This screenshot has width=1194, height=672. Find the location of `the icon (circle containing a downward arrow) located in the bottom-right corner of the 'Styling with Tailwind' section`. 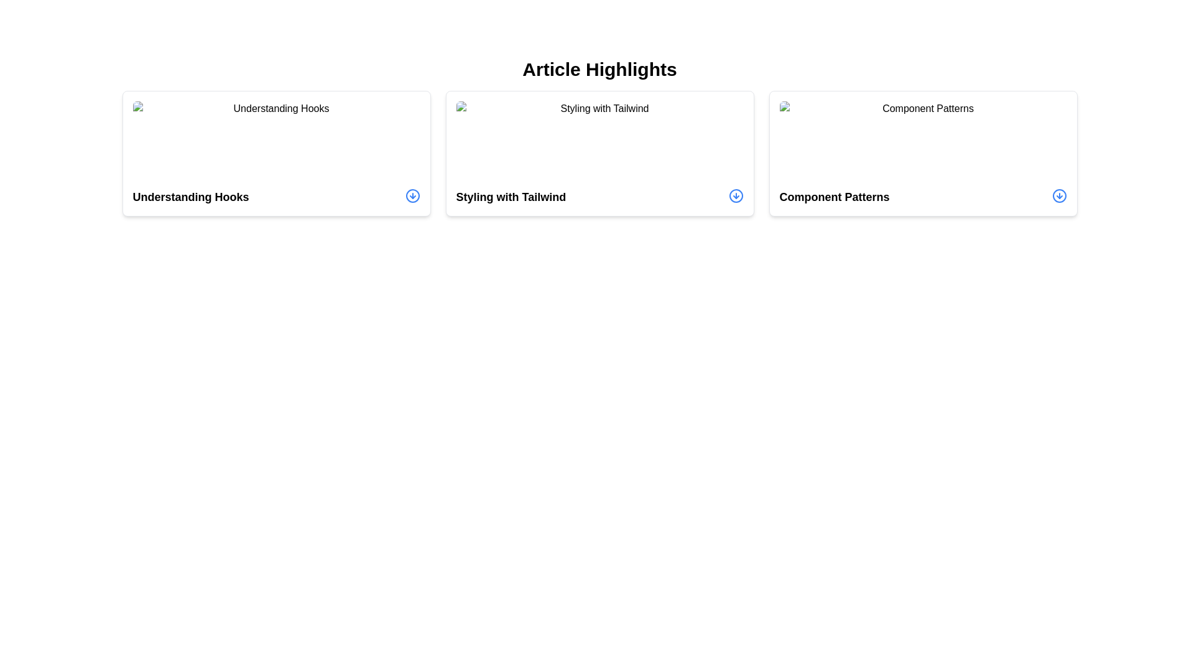

the icon (circle containing a downward arrow) located in the bottom-right corner of the 'Styling with Tailwind' section is located at coordinates (736, 196).